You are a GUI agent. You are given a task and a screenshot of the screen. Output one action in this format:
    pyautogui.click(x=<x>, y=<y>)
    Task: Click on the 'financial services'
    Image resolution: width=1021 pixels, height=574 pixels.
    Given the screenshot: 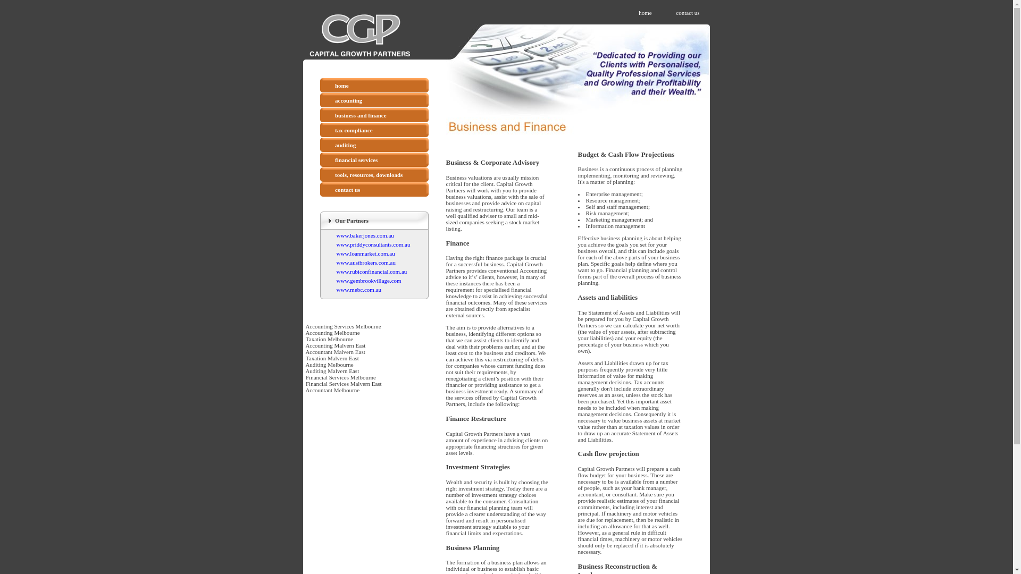 What is the action you would take?
    pyautogui.click(x=334, y=159)
    